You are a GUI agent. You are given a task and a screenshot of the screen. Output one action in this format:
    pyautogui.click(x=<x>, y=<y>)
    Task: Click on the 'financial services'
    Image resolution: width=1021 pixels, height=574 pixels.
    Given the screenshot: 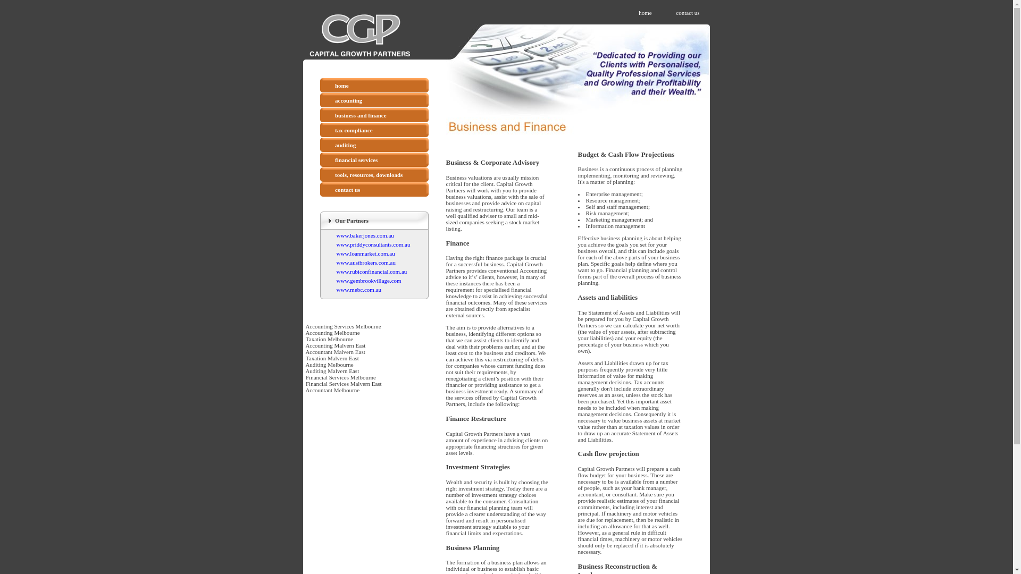 What is the action you would take?
    pyautogui.click(x=334, y=159)
    